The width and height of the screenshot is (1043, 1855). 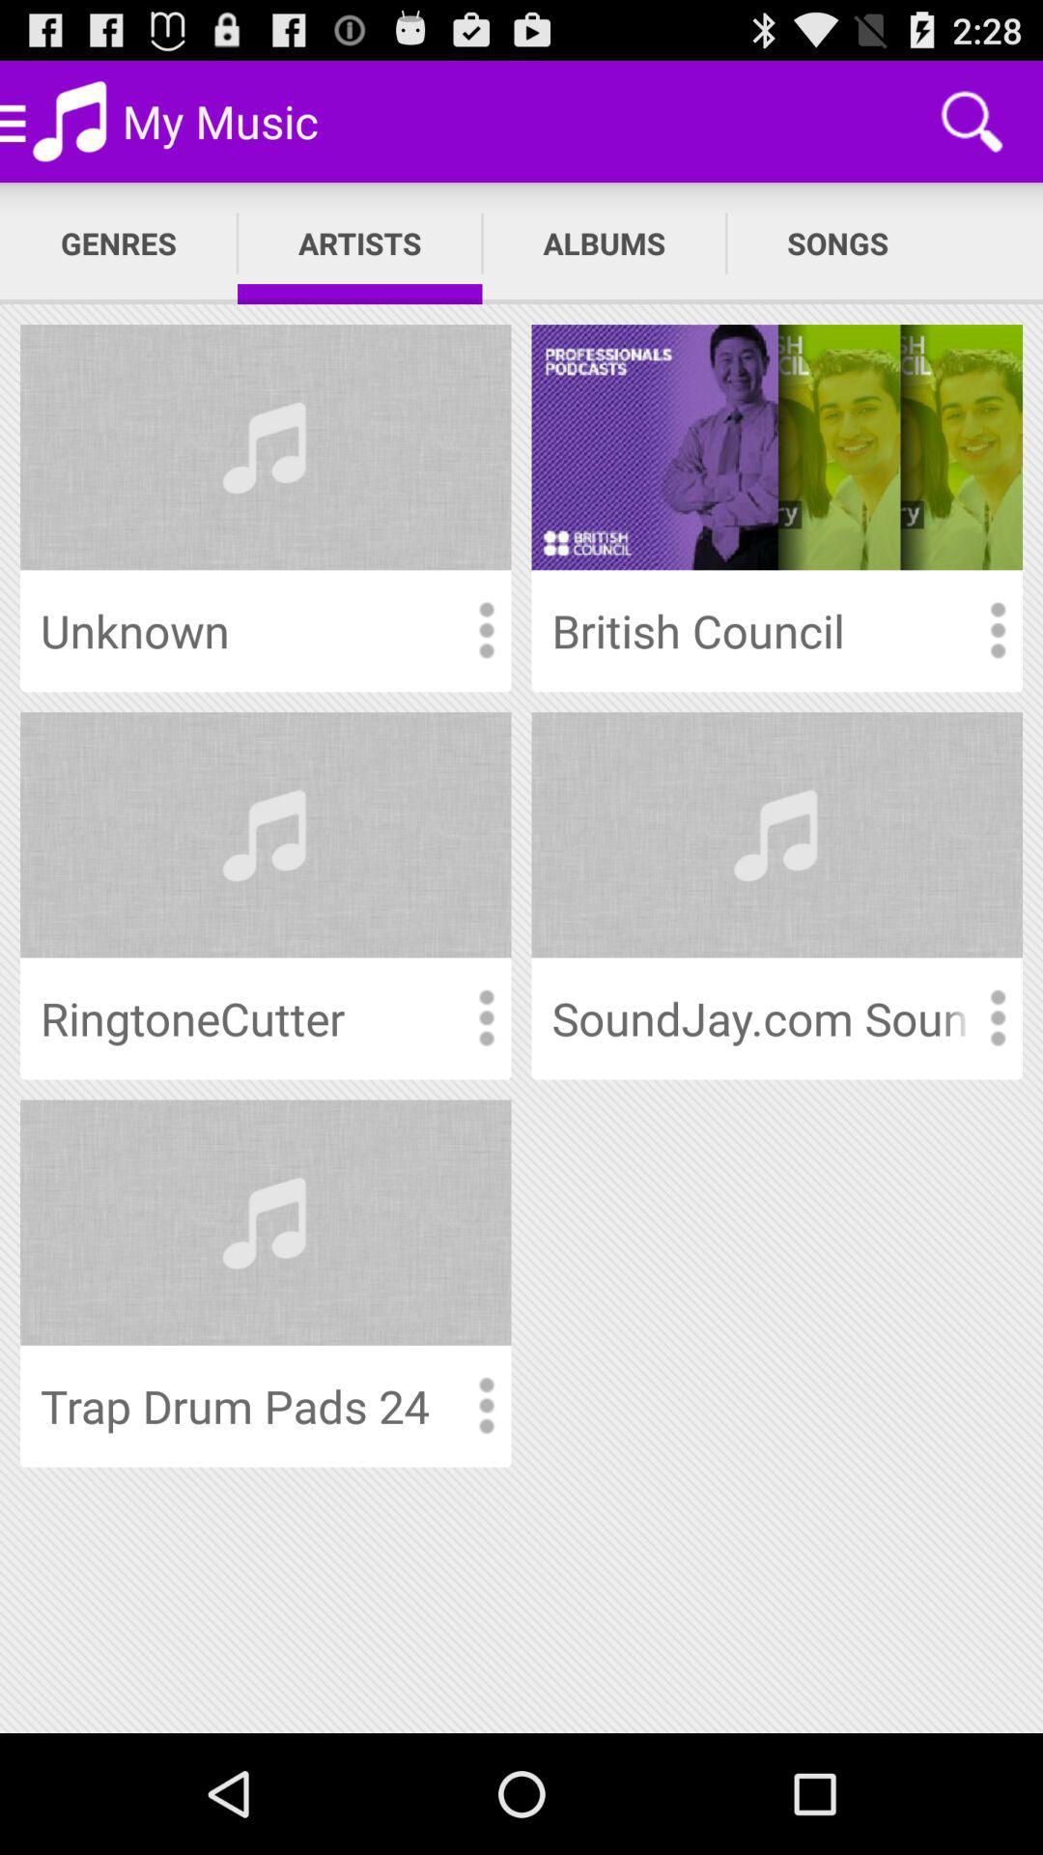 I want to click on icon to the left of the songs, so click(x=603, y=243).